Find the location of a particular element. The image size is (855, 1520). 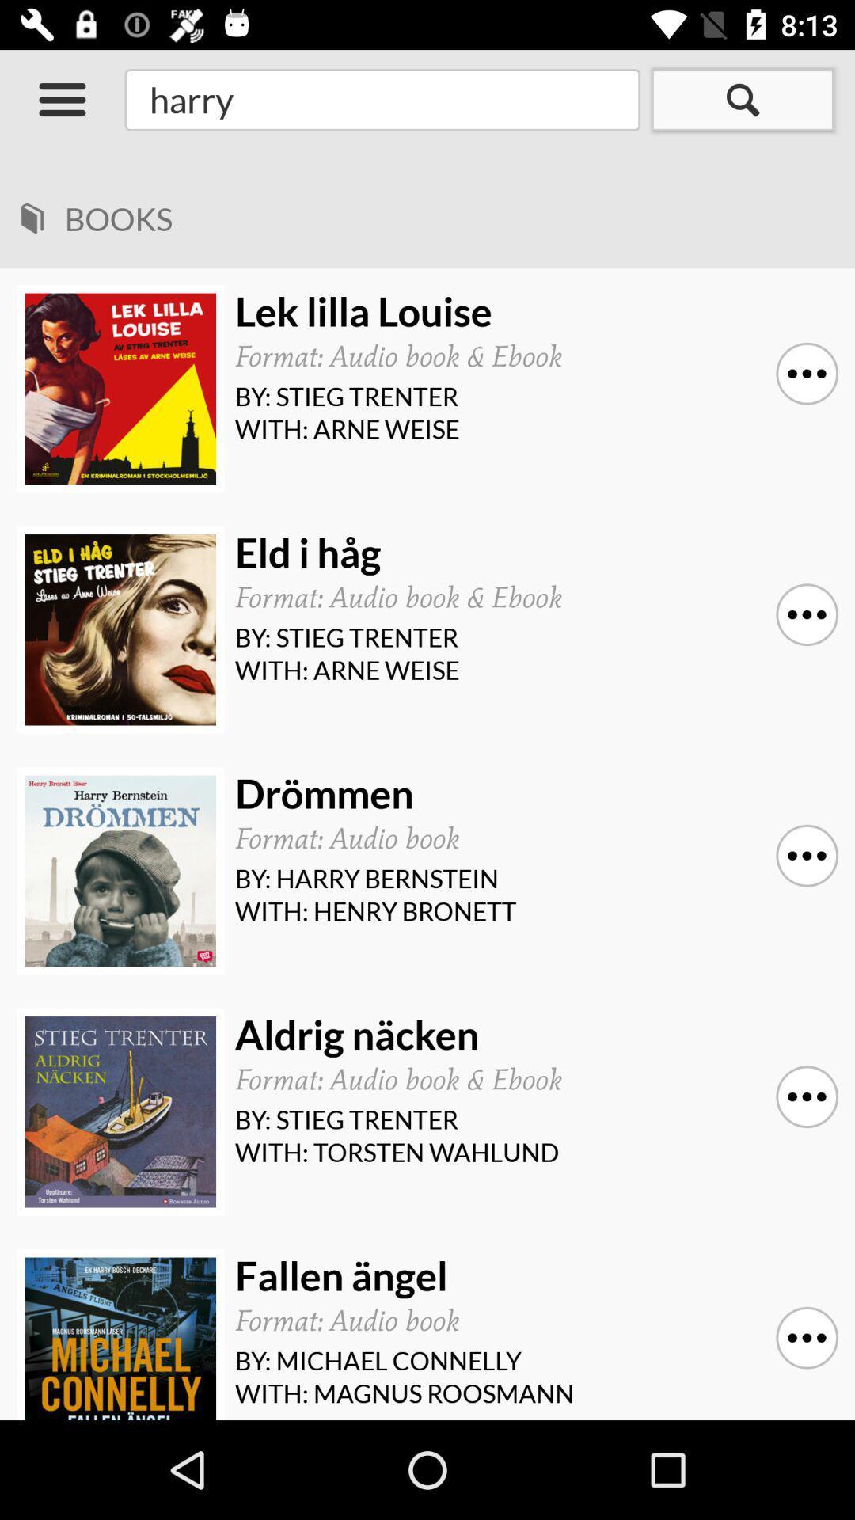

the second three dots button below the search button on the web page is located at coordinates (807, 614).